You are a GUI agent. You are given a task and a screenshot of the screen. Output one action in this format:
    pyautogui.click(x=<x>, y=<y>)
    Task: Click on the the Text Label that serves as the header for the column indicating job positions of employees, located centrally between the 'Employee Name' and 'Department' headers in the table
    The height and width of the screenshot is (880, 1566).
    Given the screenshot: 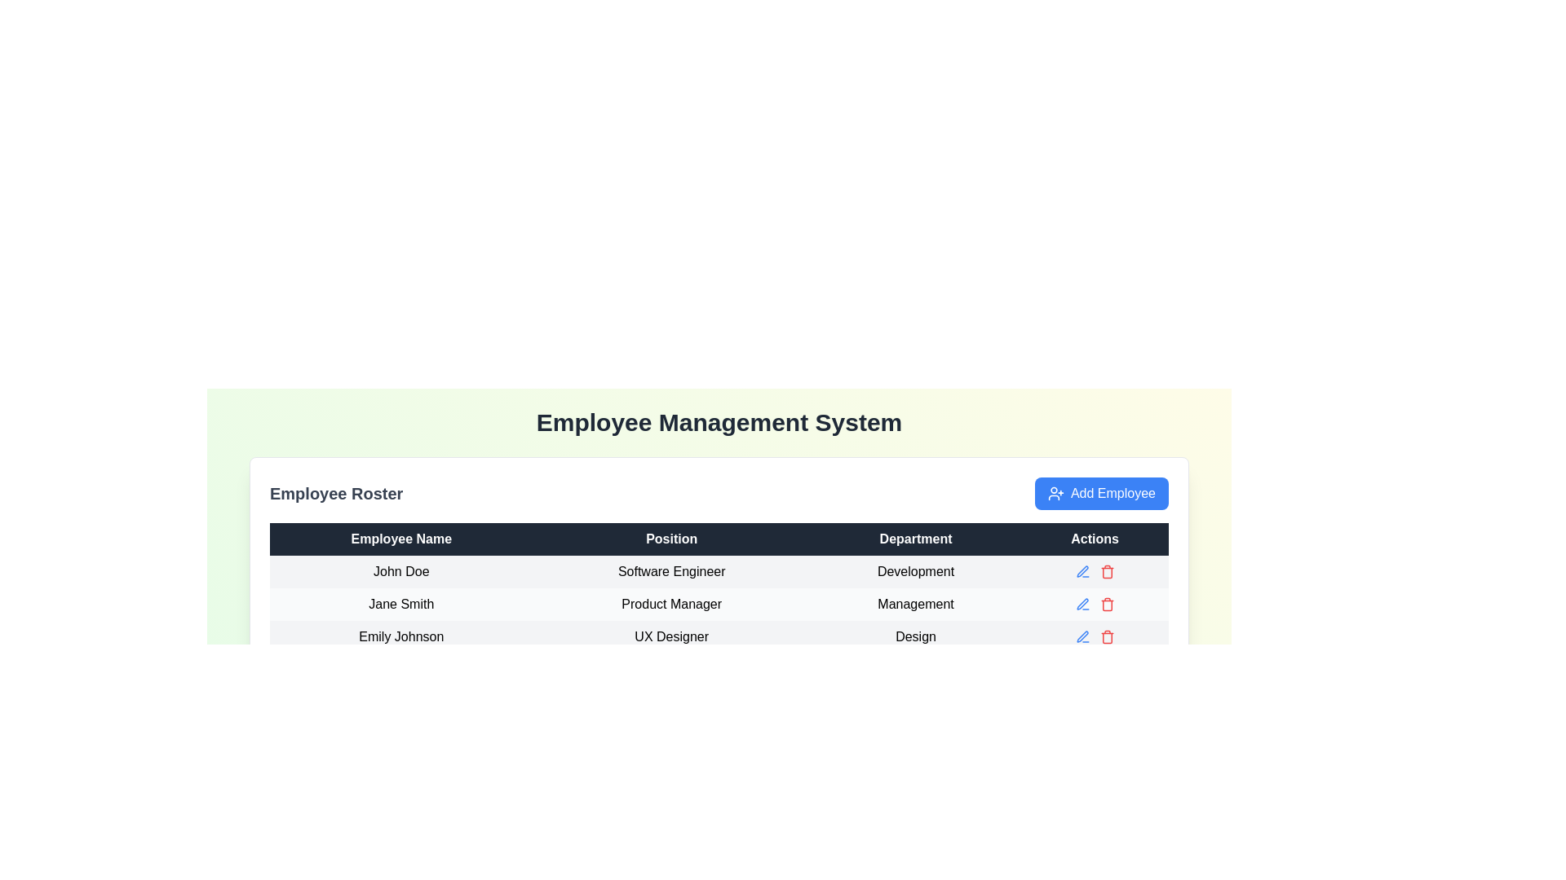 What is the action you would take?
    pyautogui.click(x=671, y=539)
    